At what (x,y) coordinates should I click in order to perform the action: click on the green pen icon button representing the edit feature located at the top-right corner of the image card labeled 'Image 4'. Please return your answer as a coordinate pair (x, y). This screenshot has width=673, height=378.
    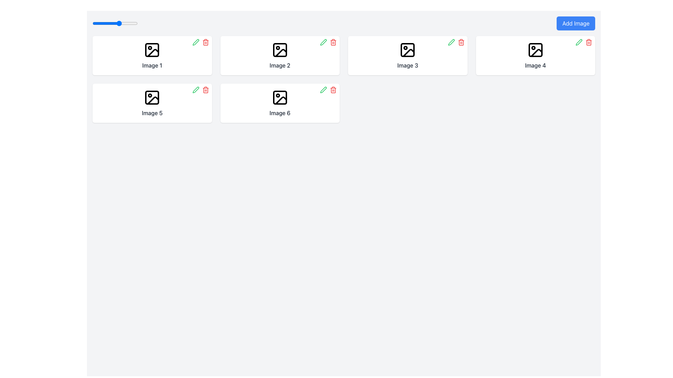
    Looking at the image, I should click on (579, 42).